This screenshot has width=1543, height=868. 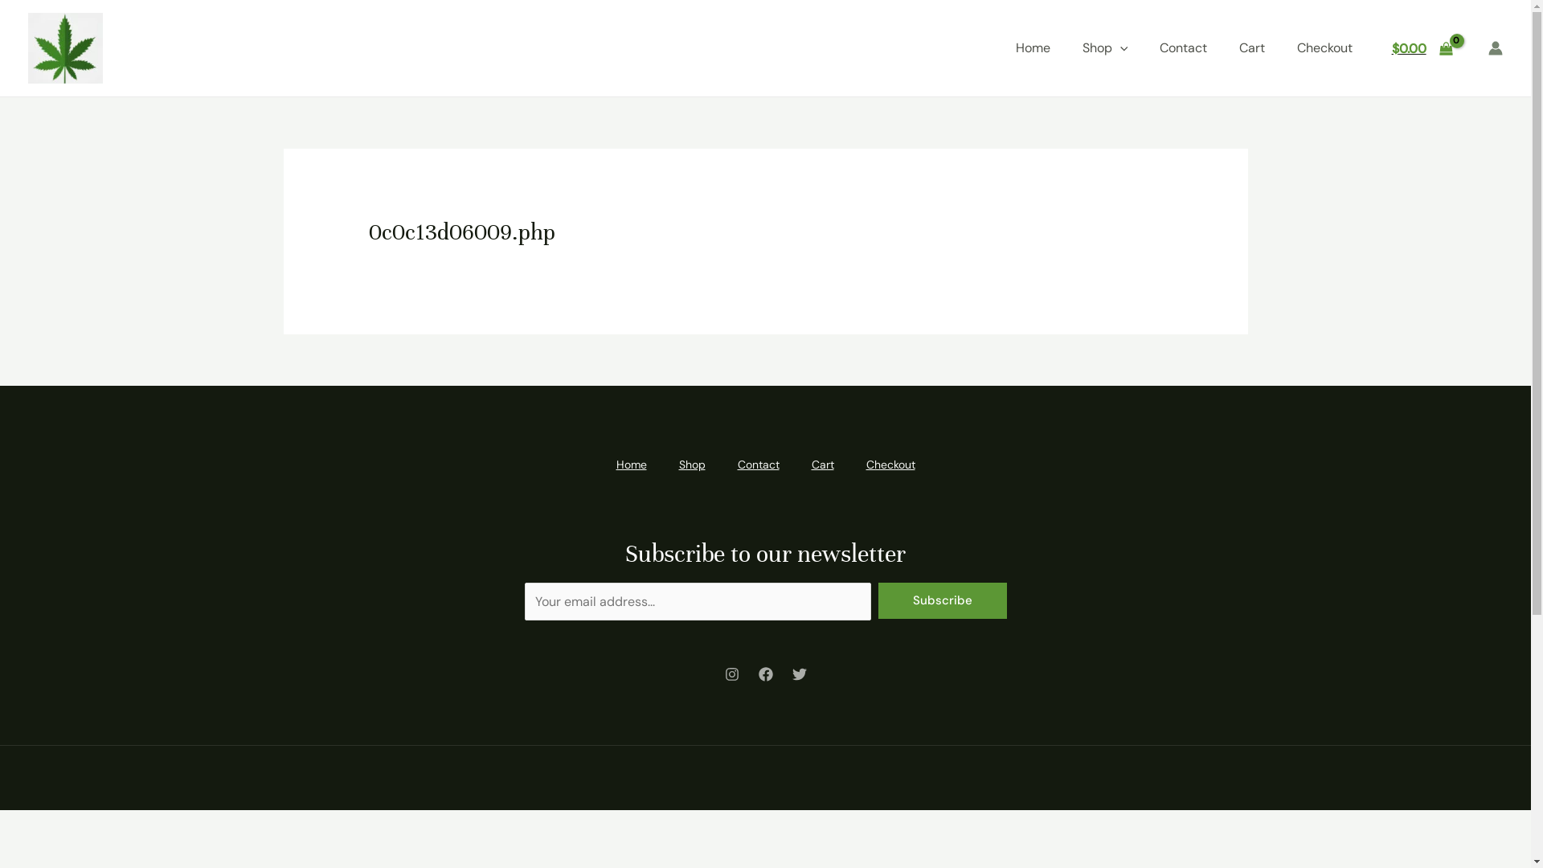 I want to click on 'Checkout', so click(x=1324, y=47).